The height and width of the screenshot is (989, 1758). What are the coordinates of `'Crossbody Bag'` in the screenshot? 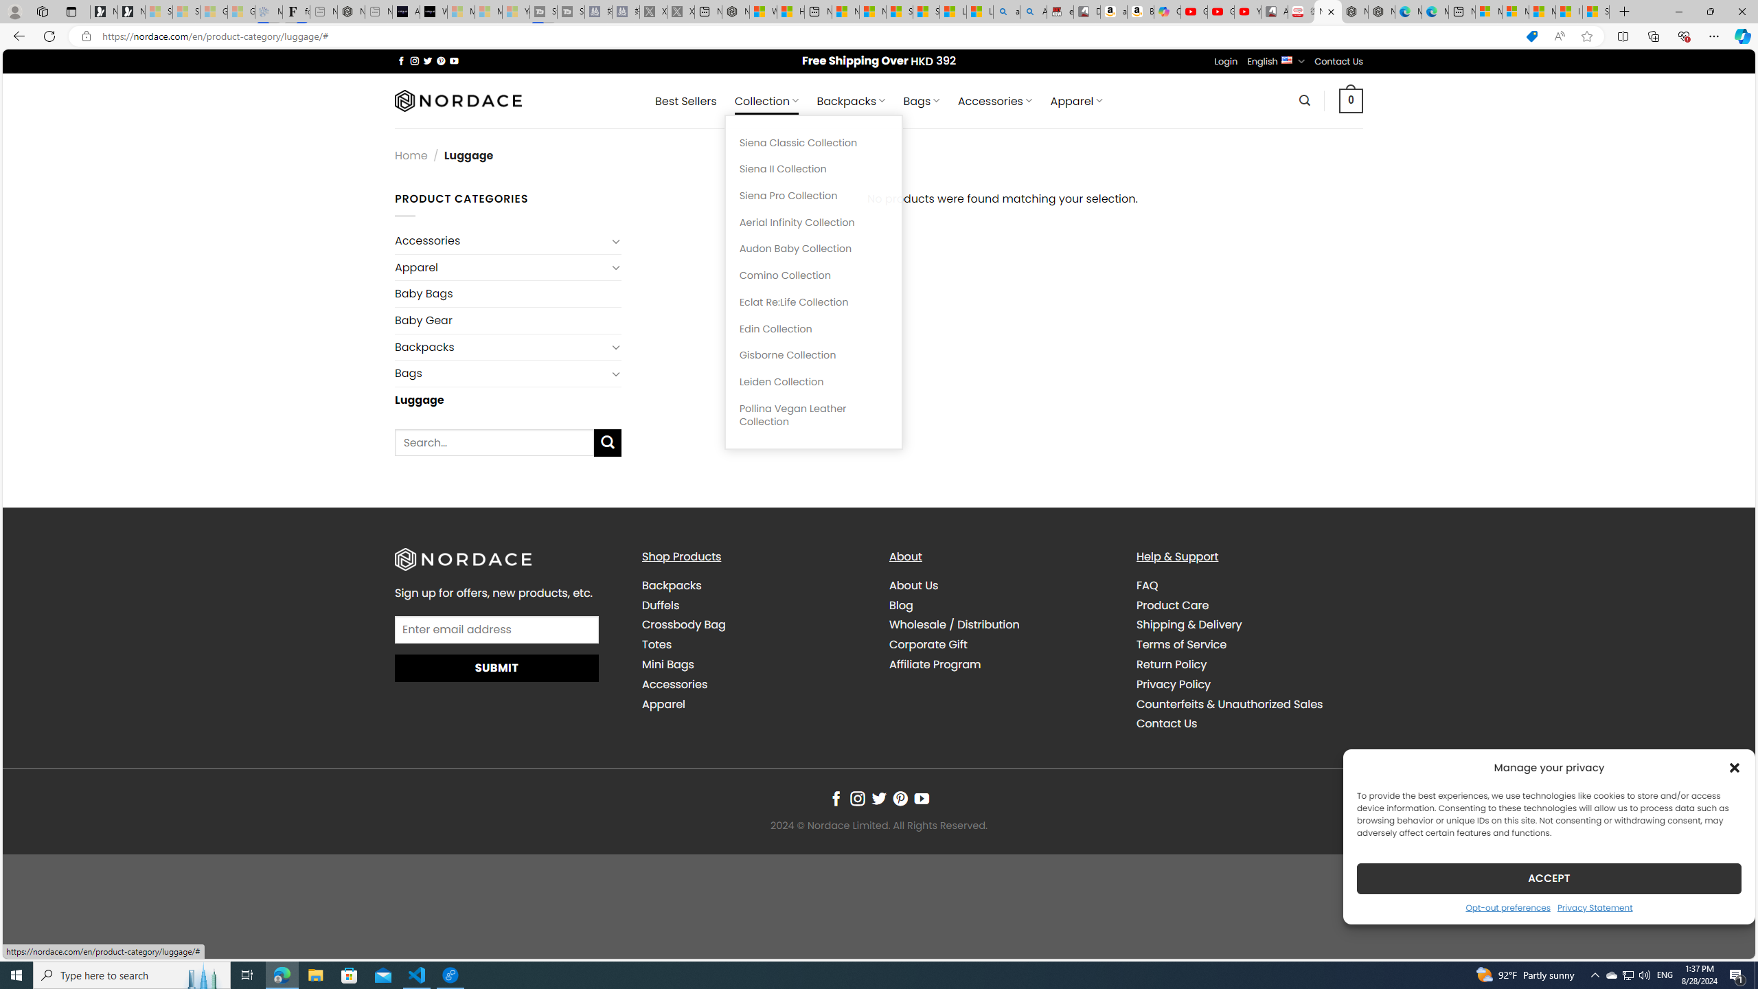 It's located at (683, 624).